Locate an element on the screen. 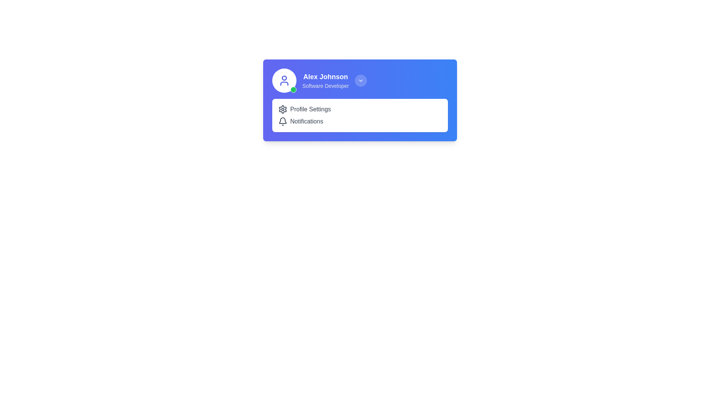  the bell-shaped notification icon located to the left of the 'Notifications' text within the options listed under the blue profile card is located at coordinates (282, 121).